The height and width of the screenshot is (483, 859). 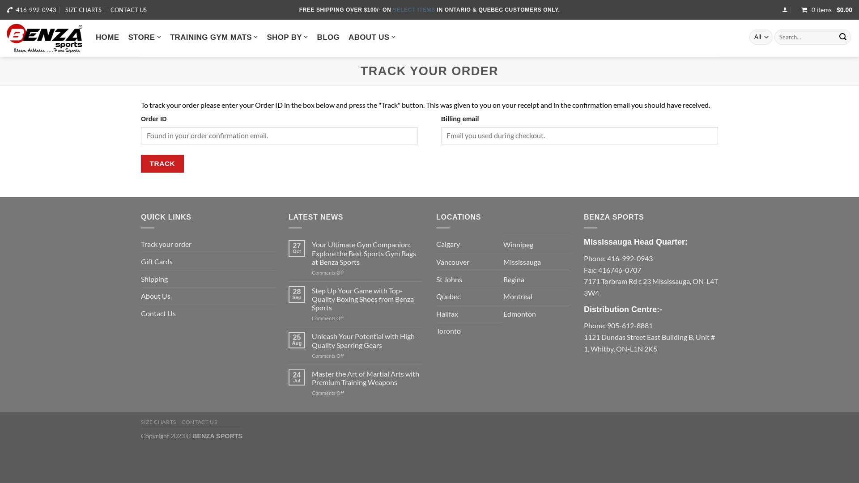 I want to click on 'Halifax', so click(x=436, y=314).